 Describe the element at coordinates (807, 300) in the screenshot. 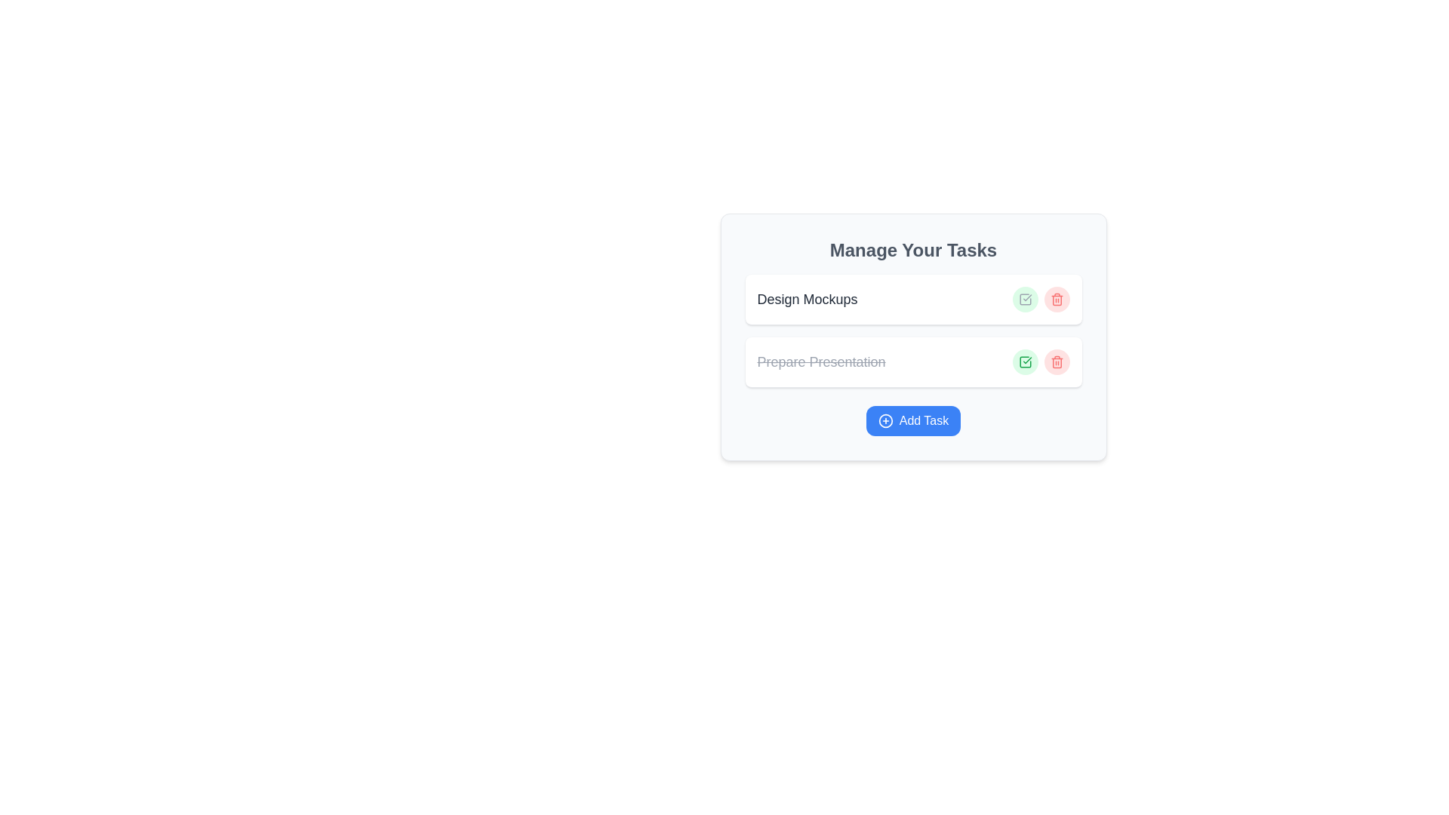

I see `the 'Design Mockups' text label, which is styled in a medium-sized bold font and located next to a green checkmark and a red trash can icon` at that location.